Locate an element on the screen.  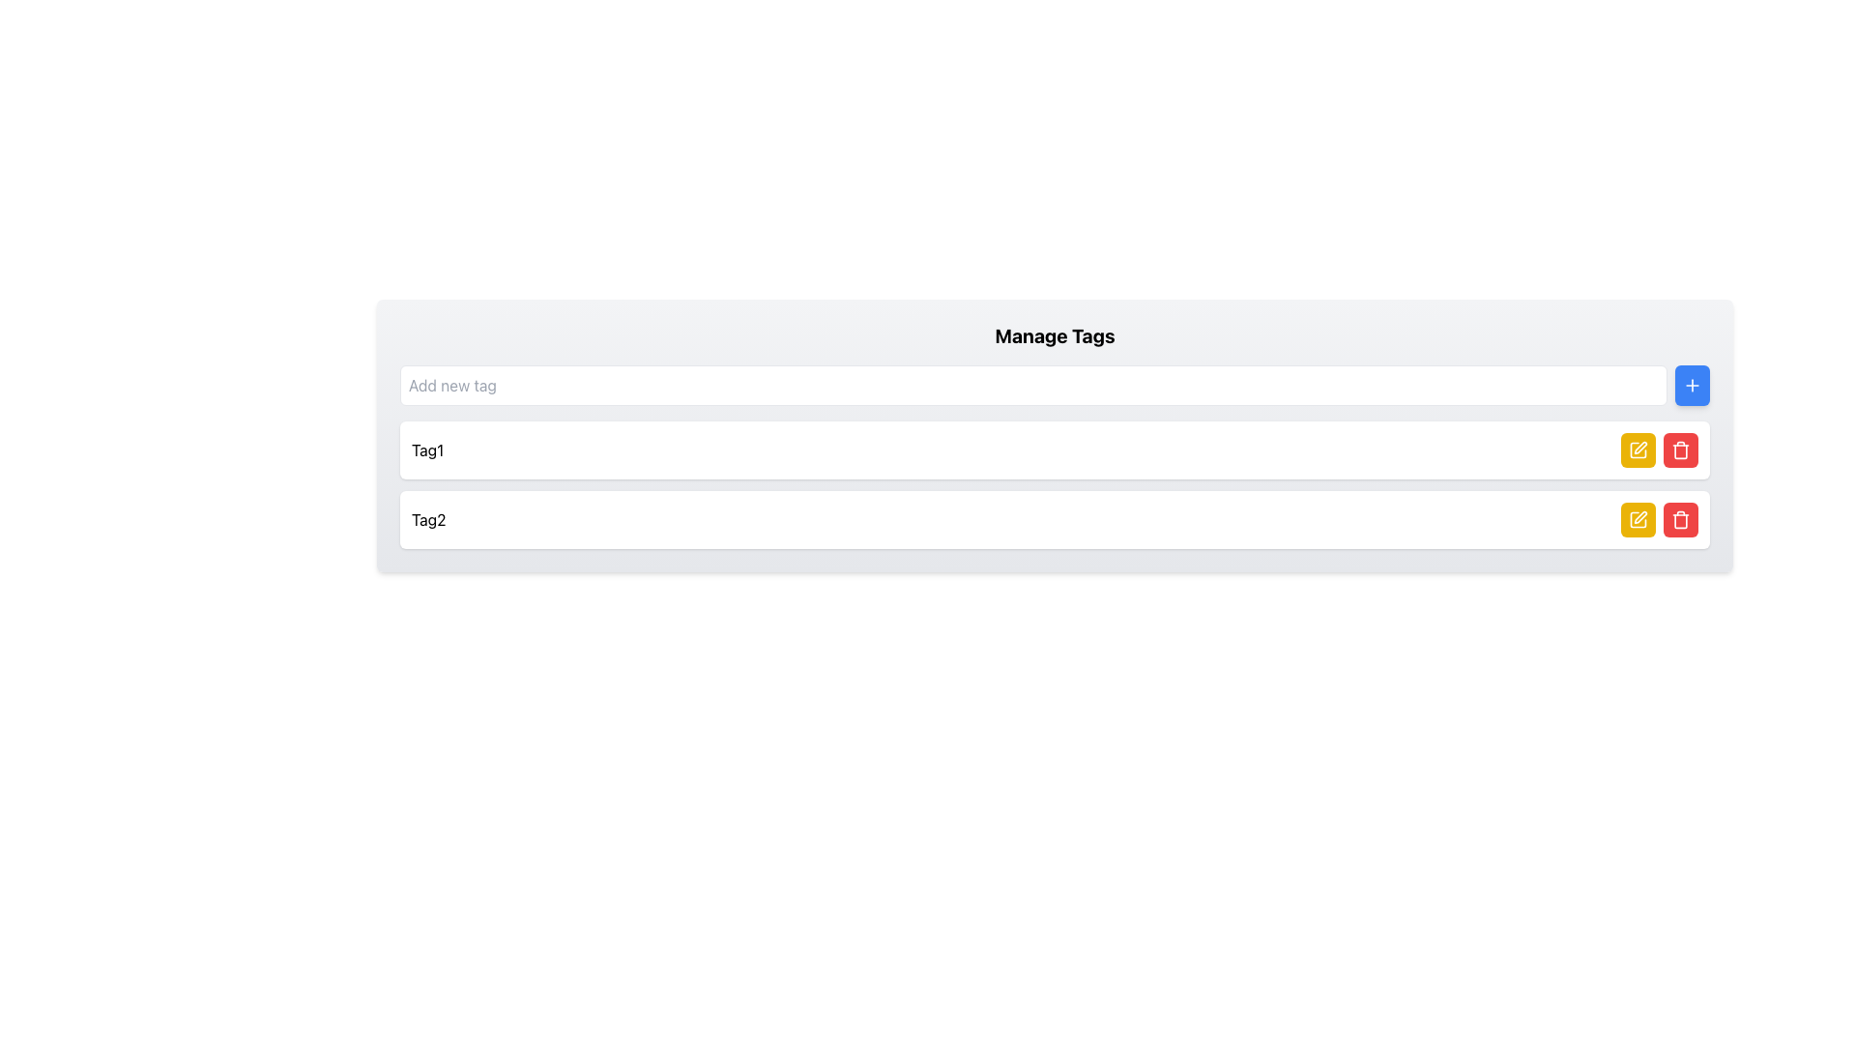
the yellow rectangular button with rounded corners and a white pen icon is located at coordinates (1637, 518).